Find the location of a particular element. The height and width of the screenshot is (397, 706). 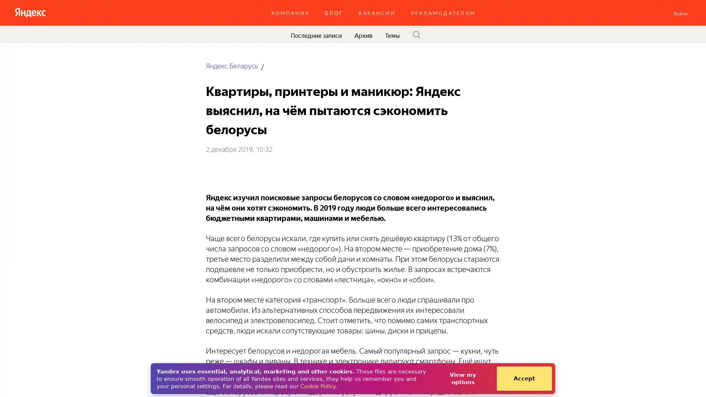

Accept is located at coordinates (524, 378).